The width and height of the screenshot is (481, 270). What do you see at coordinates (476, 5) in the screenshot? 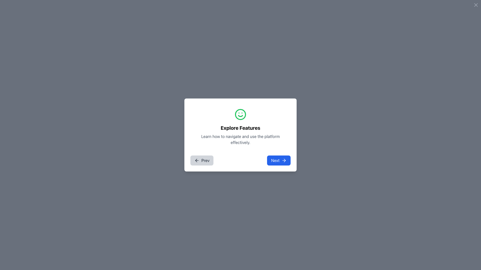
I see `the close button with an 'X' icon located at the top-right corner of the modal dialog` at bounding box center [476, 5].